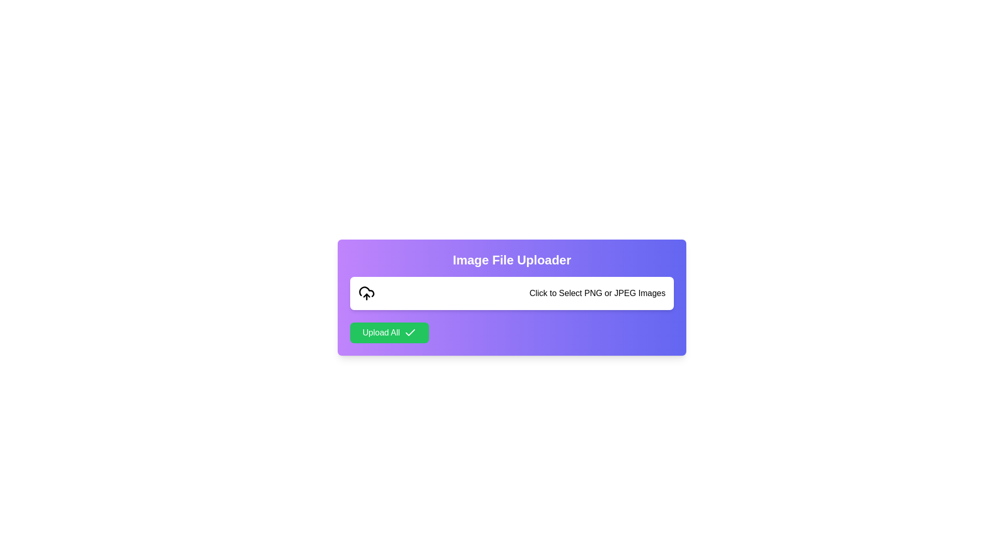  Describe the element at coordinates (512, 259) in the screenshot. I see `the Static Text element displaying 'Image File Uploader', which is a large, bold title in white against a gradient background` at that location.